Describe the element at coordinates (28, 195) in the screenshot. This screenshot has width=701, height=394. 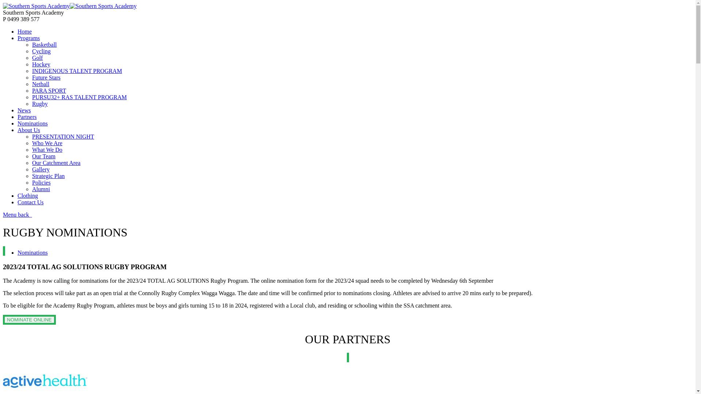
I see `'Clothing'` at that location.